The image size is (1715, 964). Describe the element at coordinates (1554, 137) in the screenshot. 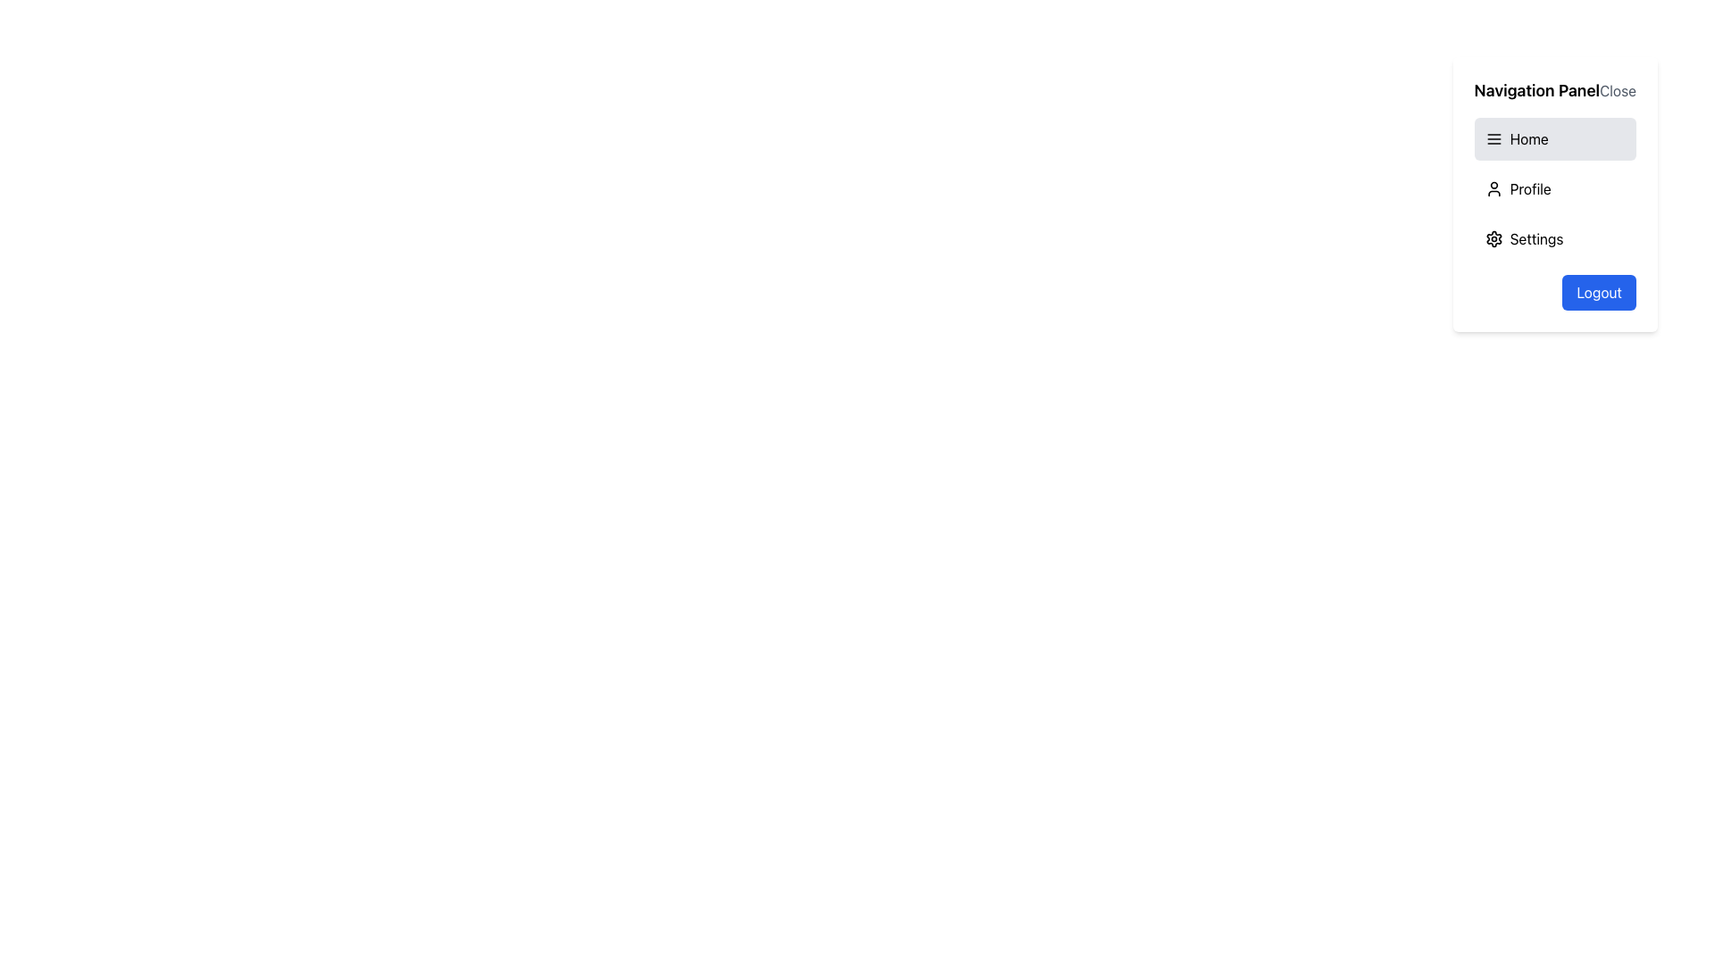

I see `the first button in the vertical navigation menu` at that location.